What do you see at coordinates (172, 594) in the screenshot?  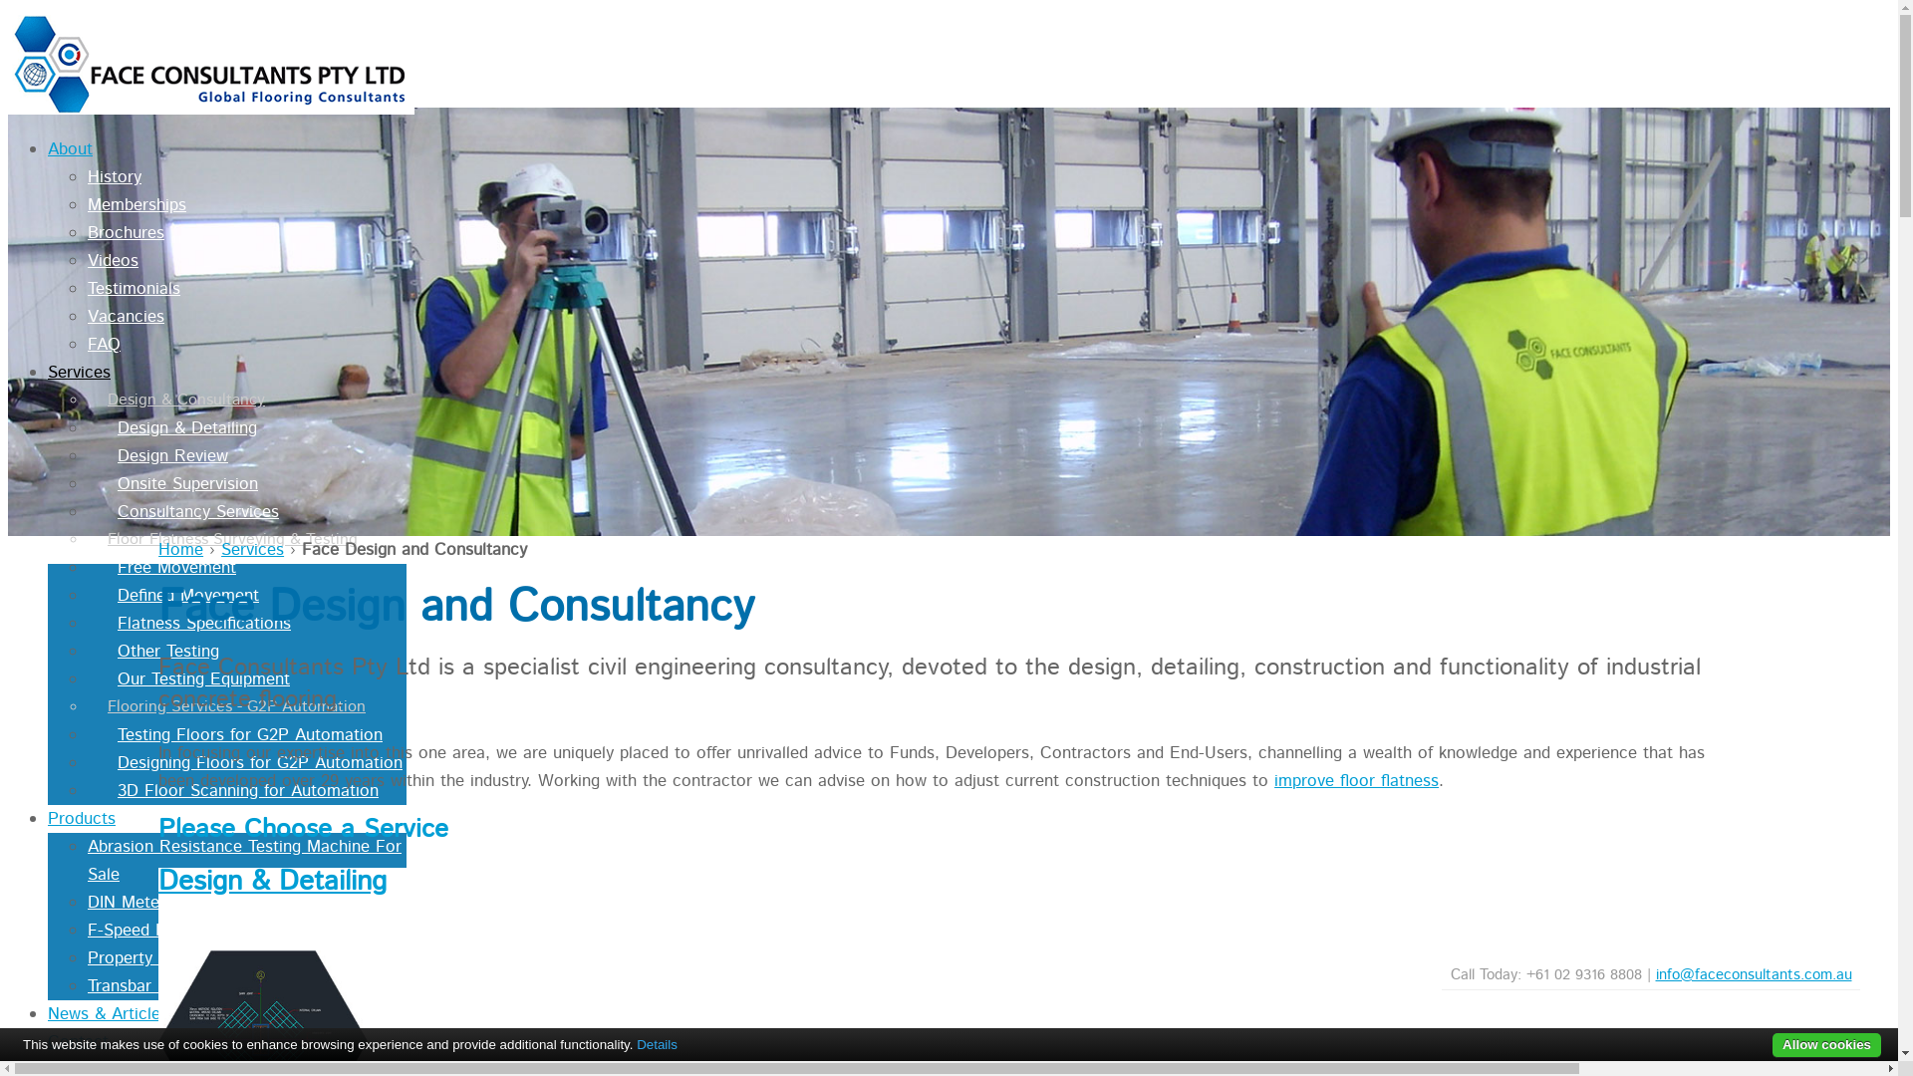 I see `'Defined Movement'` at bounding box center [172, 594].